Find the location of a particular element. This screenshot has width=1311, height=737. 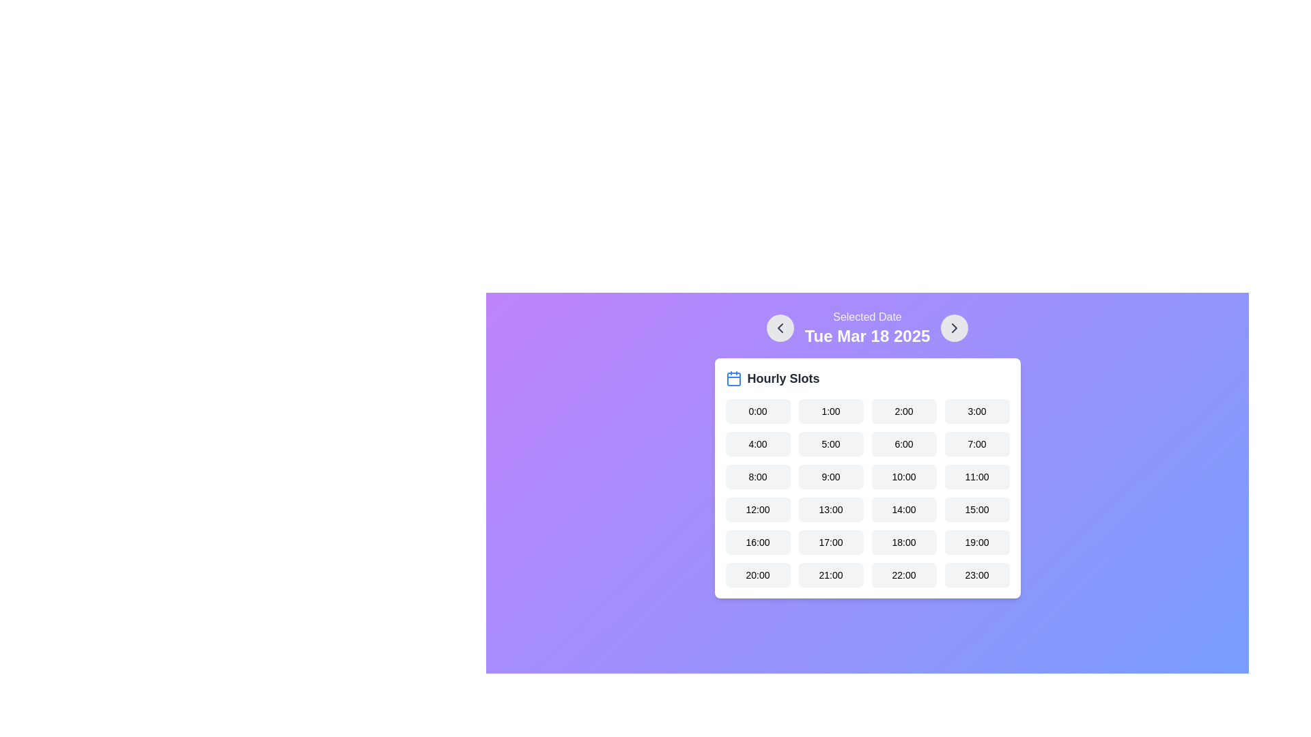

the '21:00' time slot button located in the second column of the sixth row within the 'Hourly Slots' grid is located at coordinates (830, 575).